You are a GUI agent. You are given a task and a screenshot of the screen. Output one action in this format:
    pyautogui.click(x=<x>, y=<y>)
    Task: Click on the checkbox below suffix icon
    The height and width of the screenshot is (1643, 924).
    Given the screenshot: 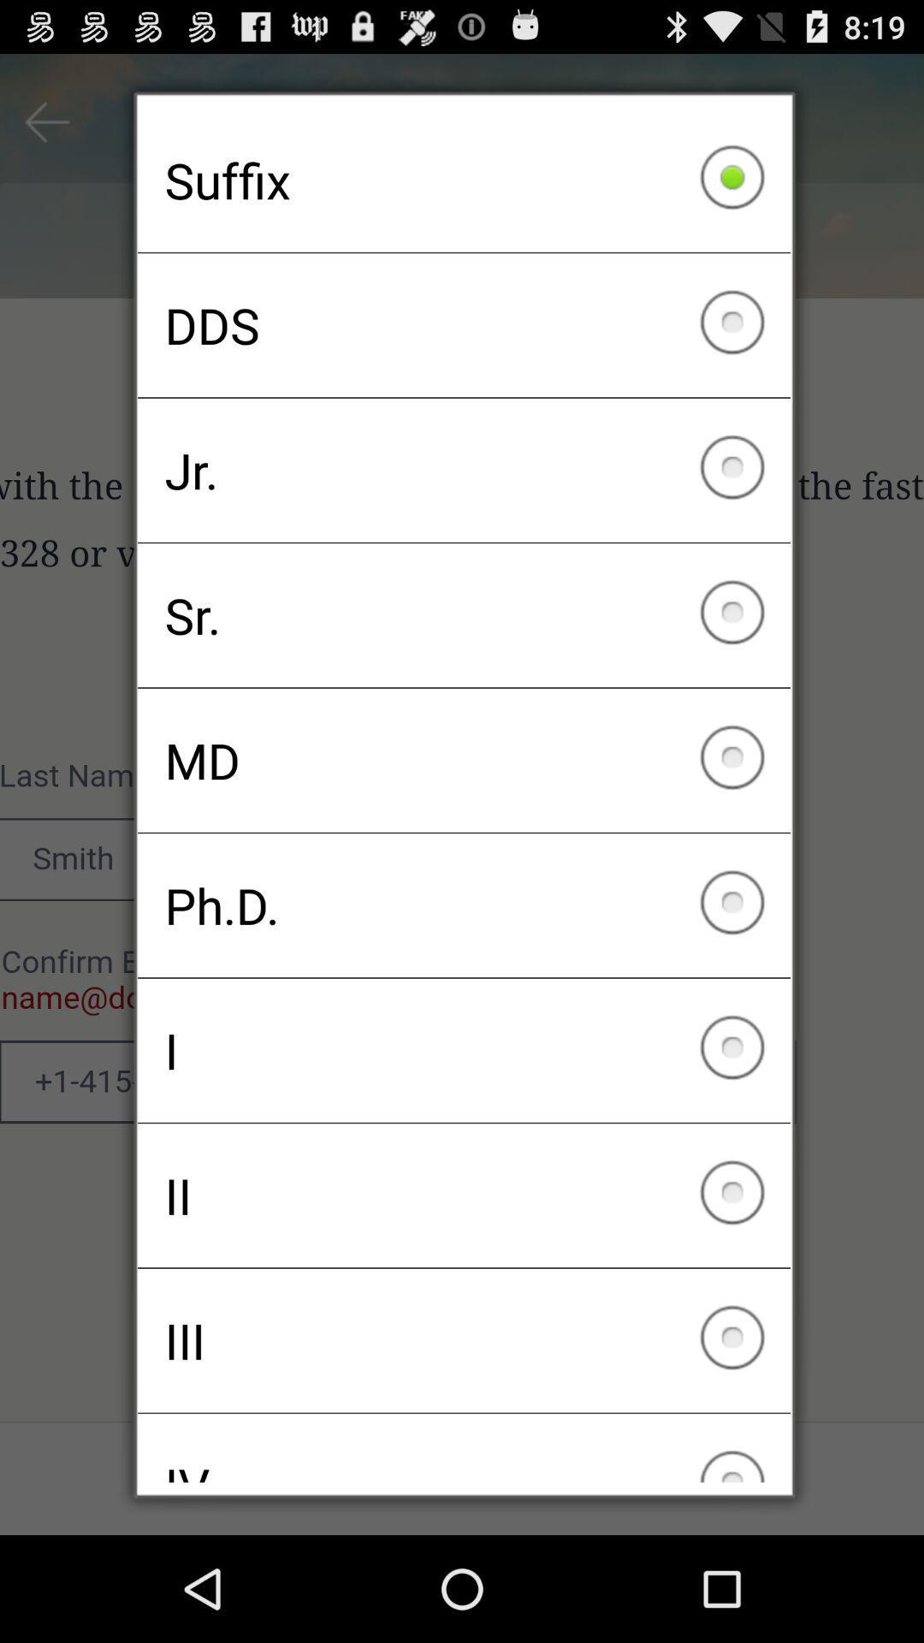 What is the action you would take?
    pyautogui.click(x=464, y=325)
    